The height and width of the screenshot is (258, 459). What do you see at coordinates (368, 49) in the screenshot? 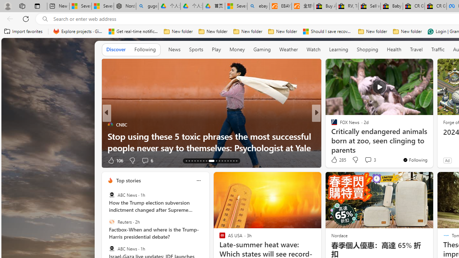
I see `'Shopping'` at bounding box center [368, 49].